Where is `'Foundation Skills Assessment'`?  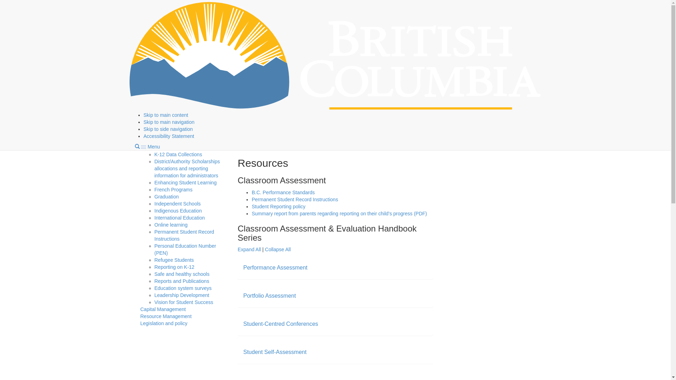 'Foundation Skills Assessment' is located at coordinates (187, 80).